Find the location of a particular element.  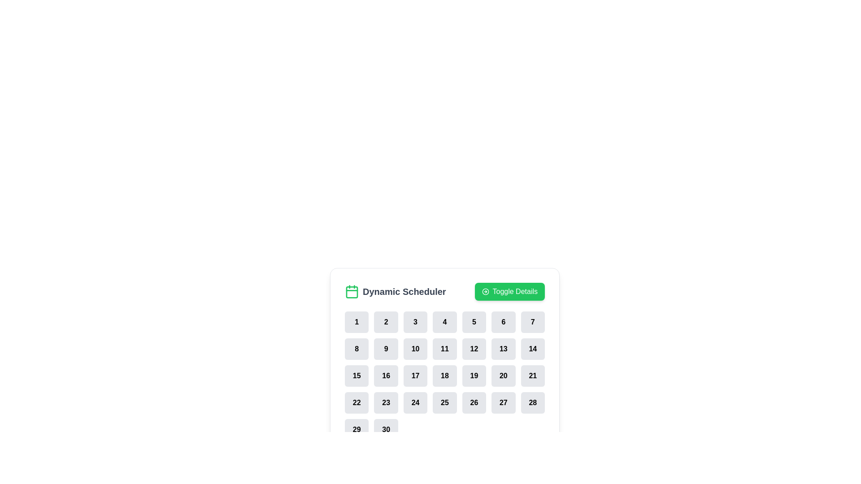

the rectangular button displaying the number '21' in bold text is located at coordinates (533, 376).